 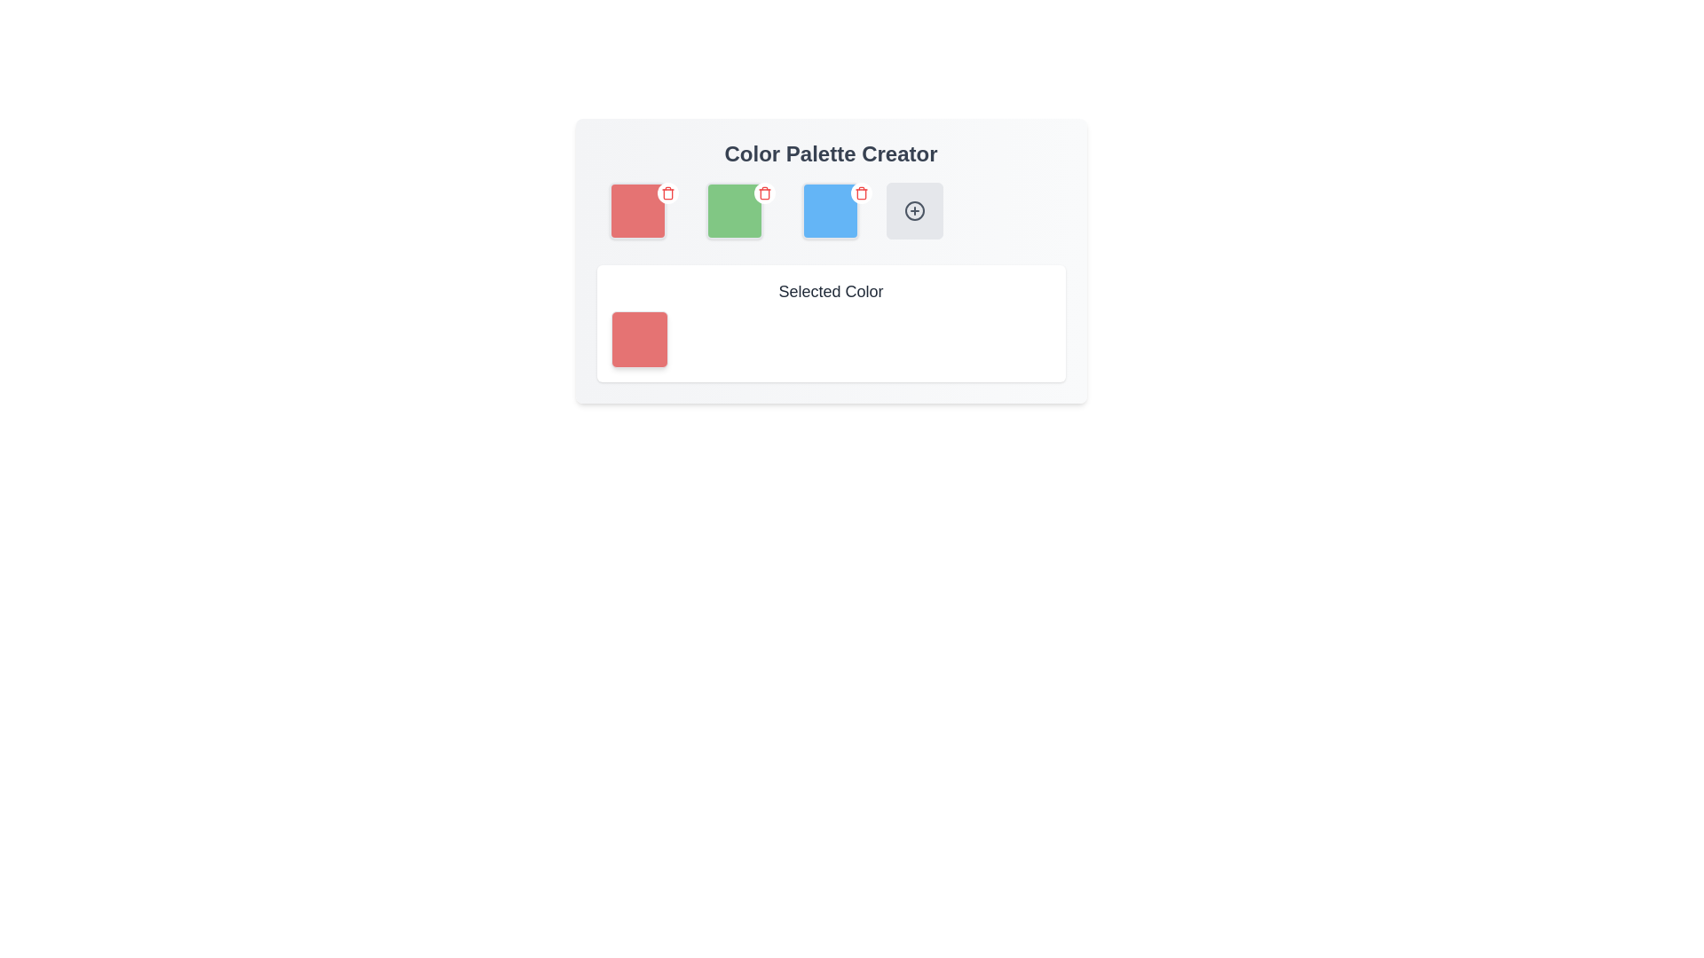 What do you see at coordinates (667, 193) in the screenshot?
I see `the delete icon located at the top-right corner of the red square item` at bounding box center [667, 193].